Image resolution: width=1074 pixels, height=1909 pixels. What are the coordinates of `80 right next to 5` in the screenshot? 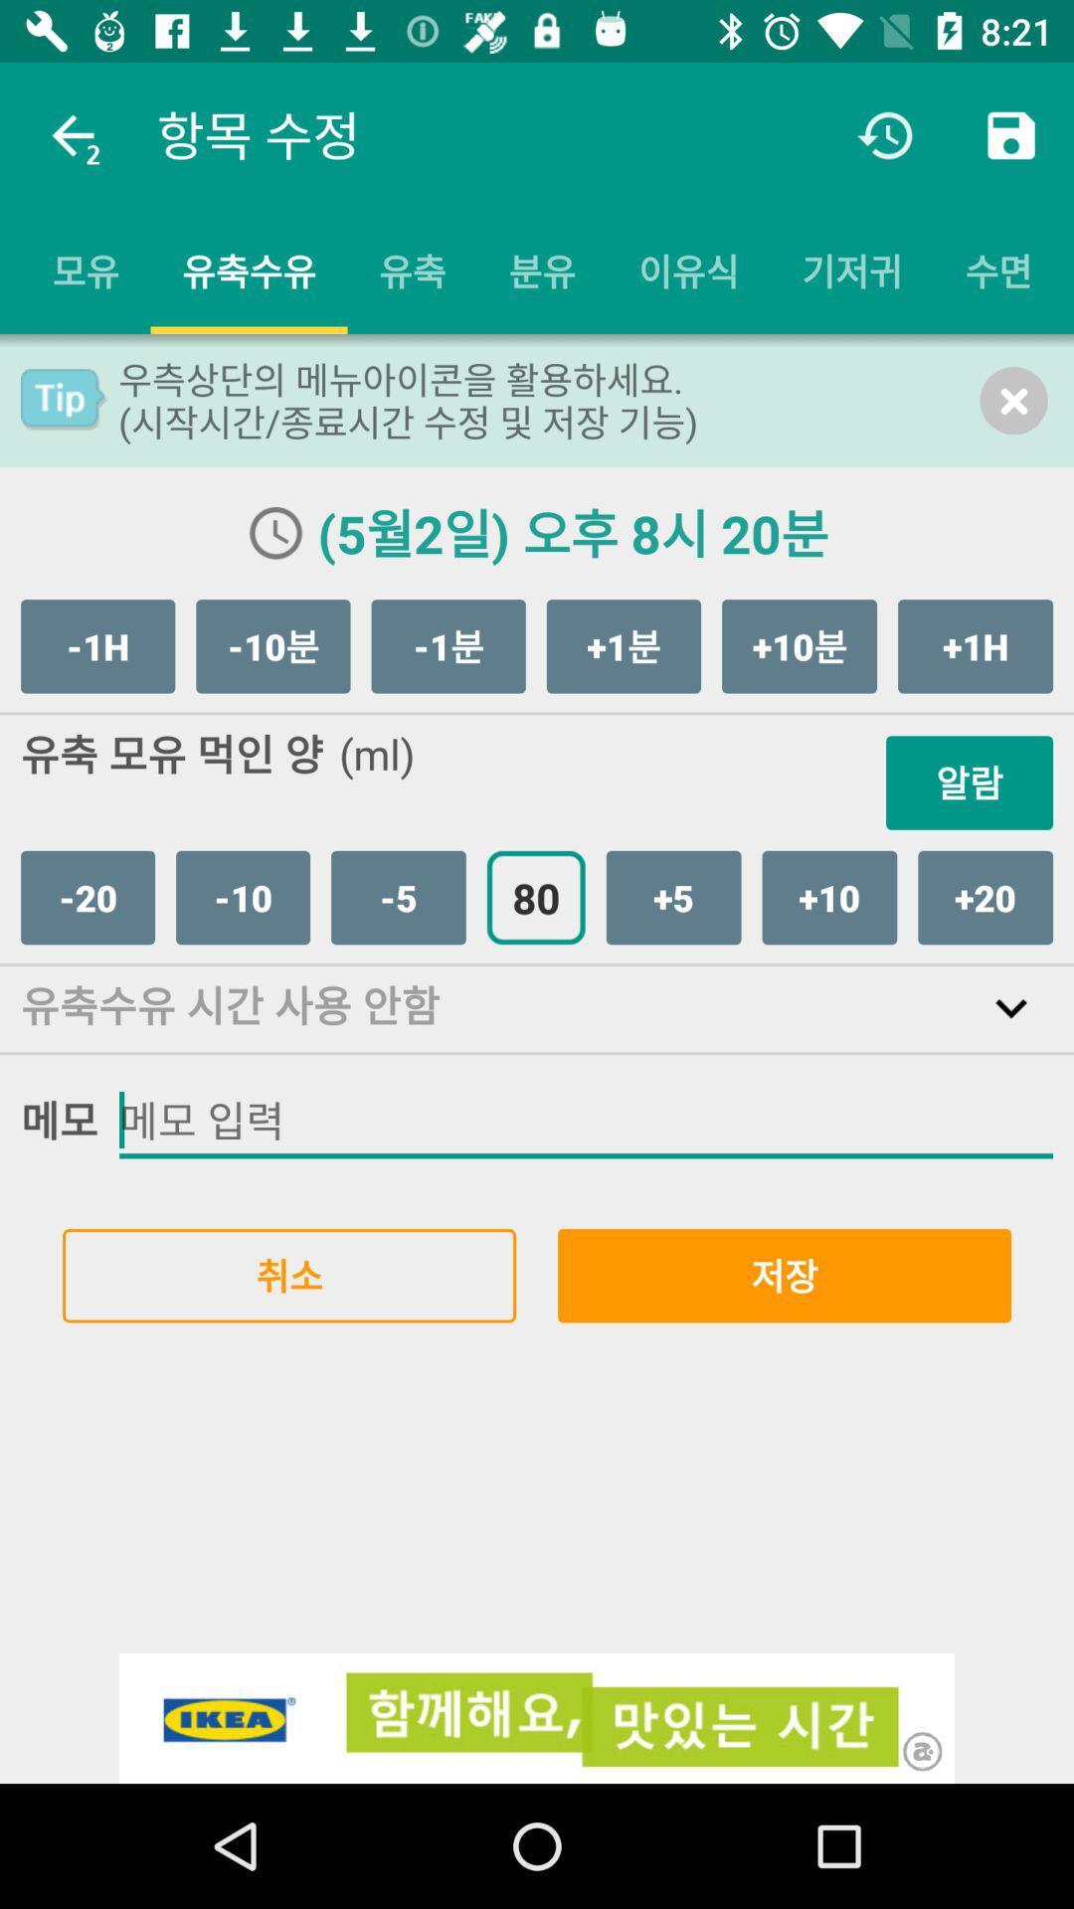 It's located at (535, 896).